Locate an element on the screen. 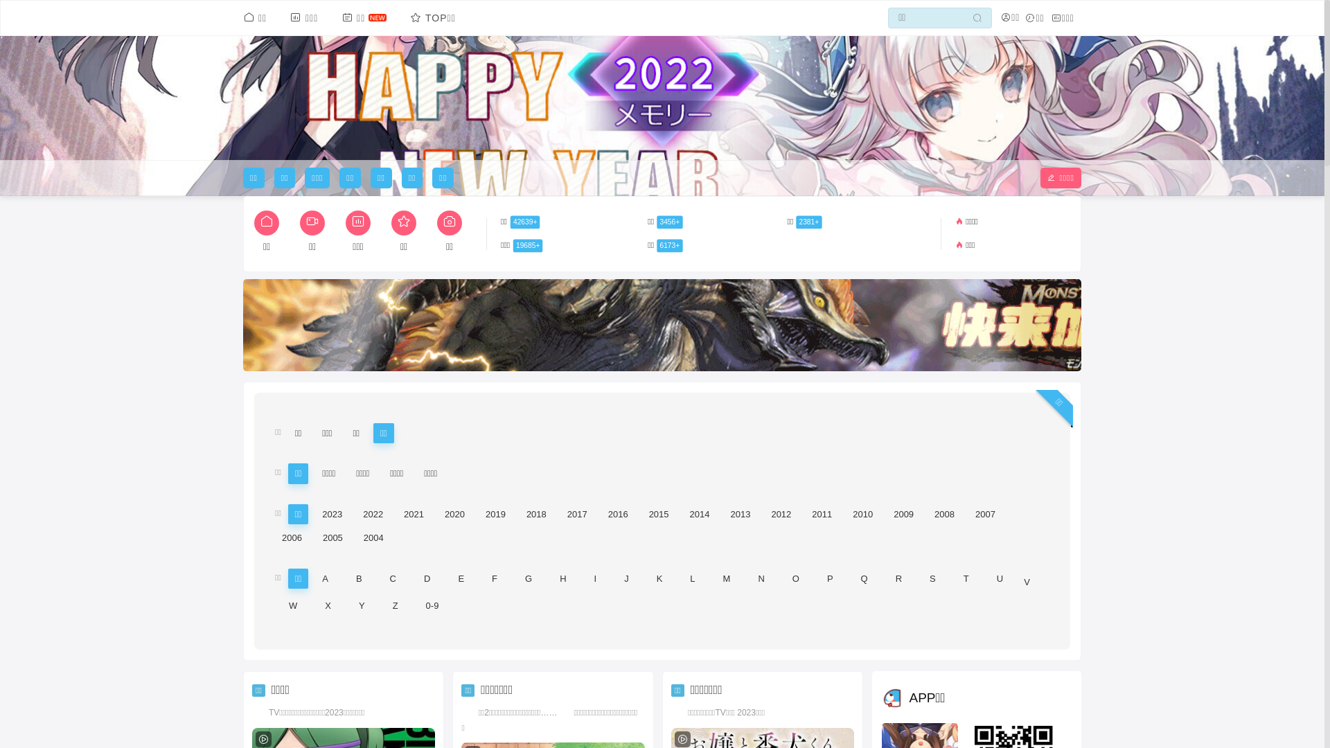 The width and height of the screenshot is (1330, 748). '2010' is located at coordinates (862, 514).